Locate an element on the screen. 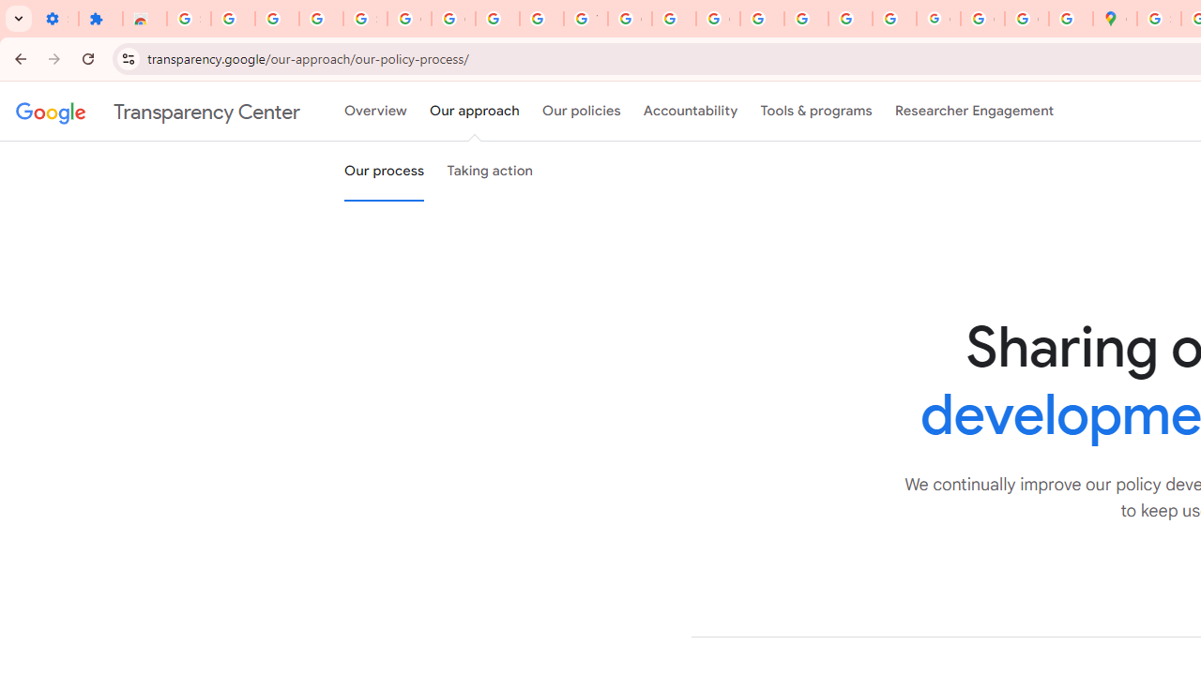 This screenshot has height=675, width=1201. 'Taking action' is located at coordinates (490, 172).